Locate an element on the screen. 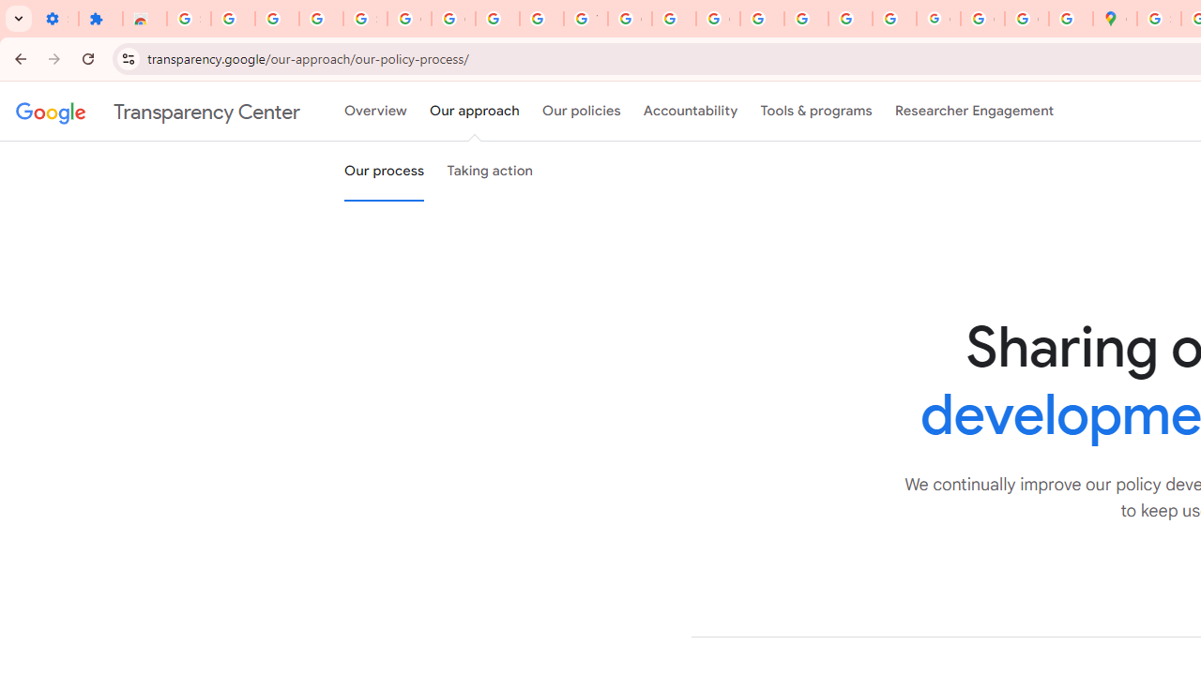 This screenshot has height=675, width=1201. 'Taking action' is located at coordinates (490, 172).